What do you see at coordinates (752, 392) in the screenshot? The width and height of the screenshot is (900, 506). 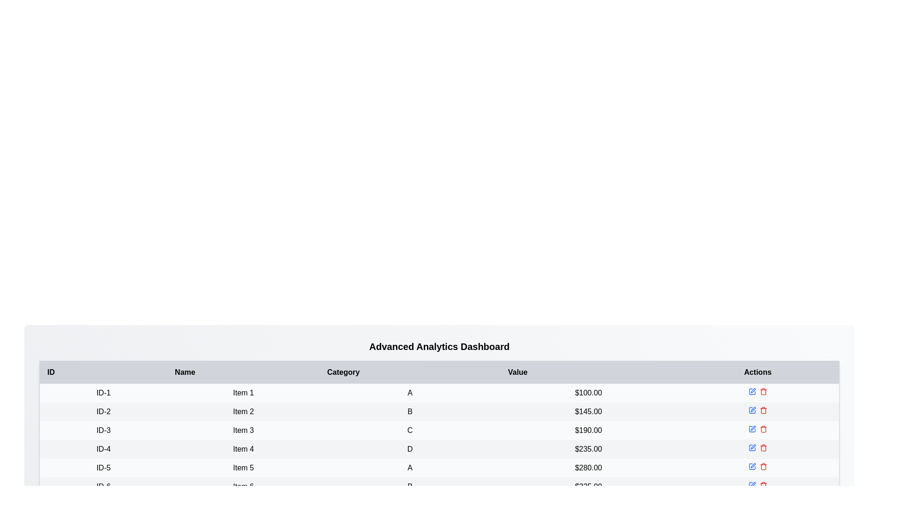 I see `the edit button for the item with ID ID-1` at bounding box center [752, 392].